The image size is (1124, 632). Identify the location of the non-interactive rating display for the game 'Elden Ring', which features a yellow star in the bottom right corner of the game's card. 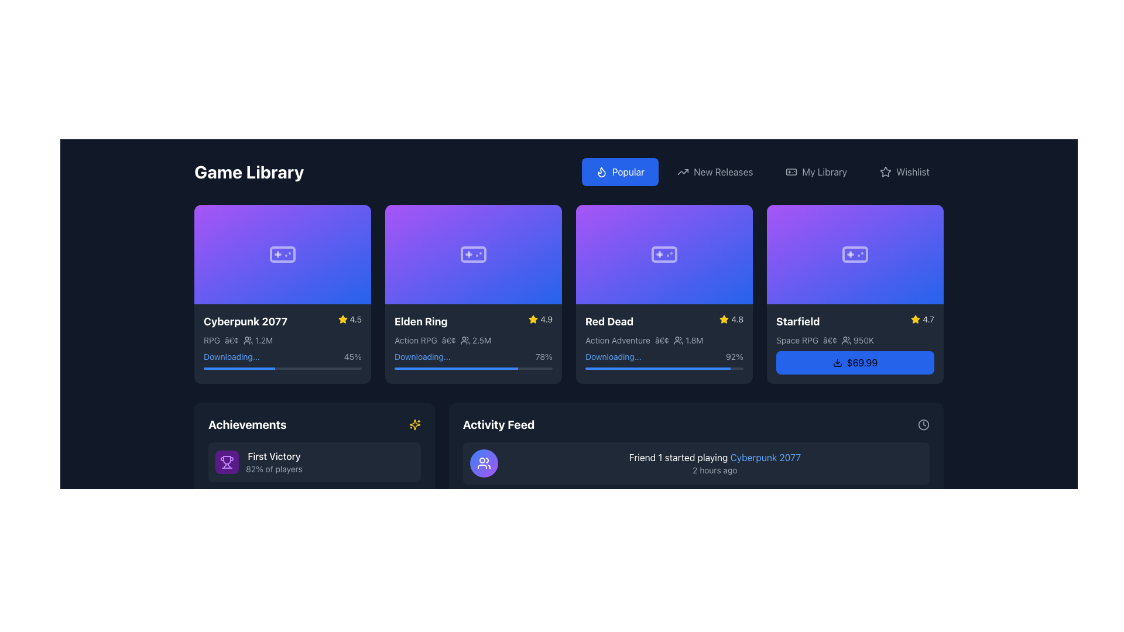
(540, 319).